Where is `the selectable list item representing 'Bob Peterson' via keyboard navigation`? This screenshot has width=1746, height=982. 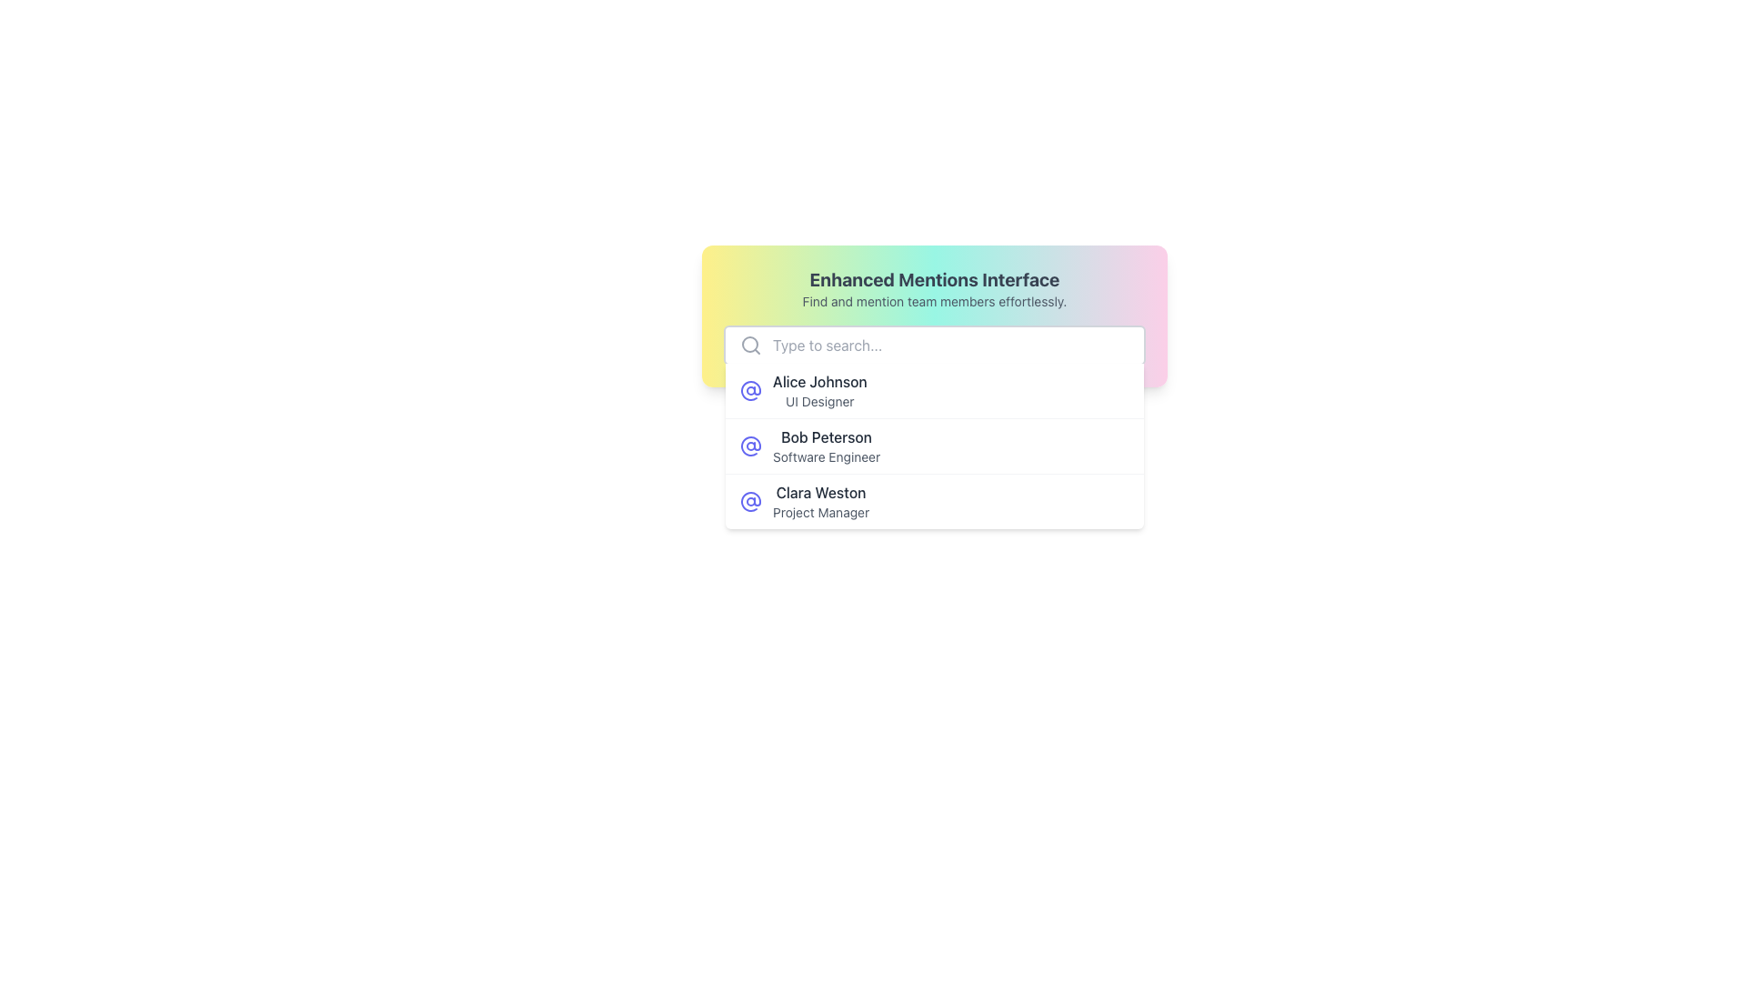
the selectable list item representing 'Bob Peterson' via keyboard navigation is located at coordinates (934, 446).